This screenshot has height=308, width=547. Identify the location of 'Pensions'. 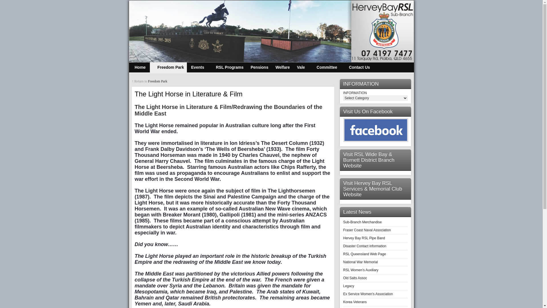
(259, 67).